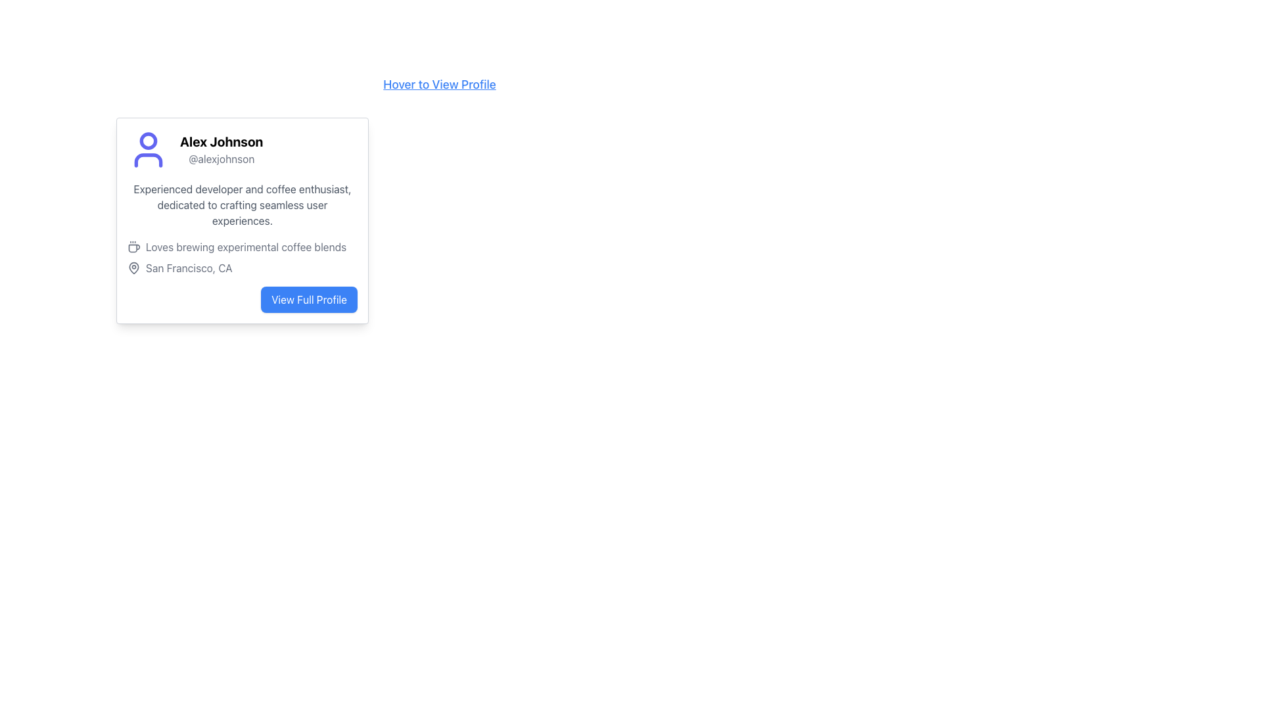  I want to click on the text link styled in blue that says 'Hover, so click(439, 84).